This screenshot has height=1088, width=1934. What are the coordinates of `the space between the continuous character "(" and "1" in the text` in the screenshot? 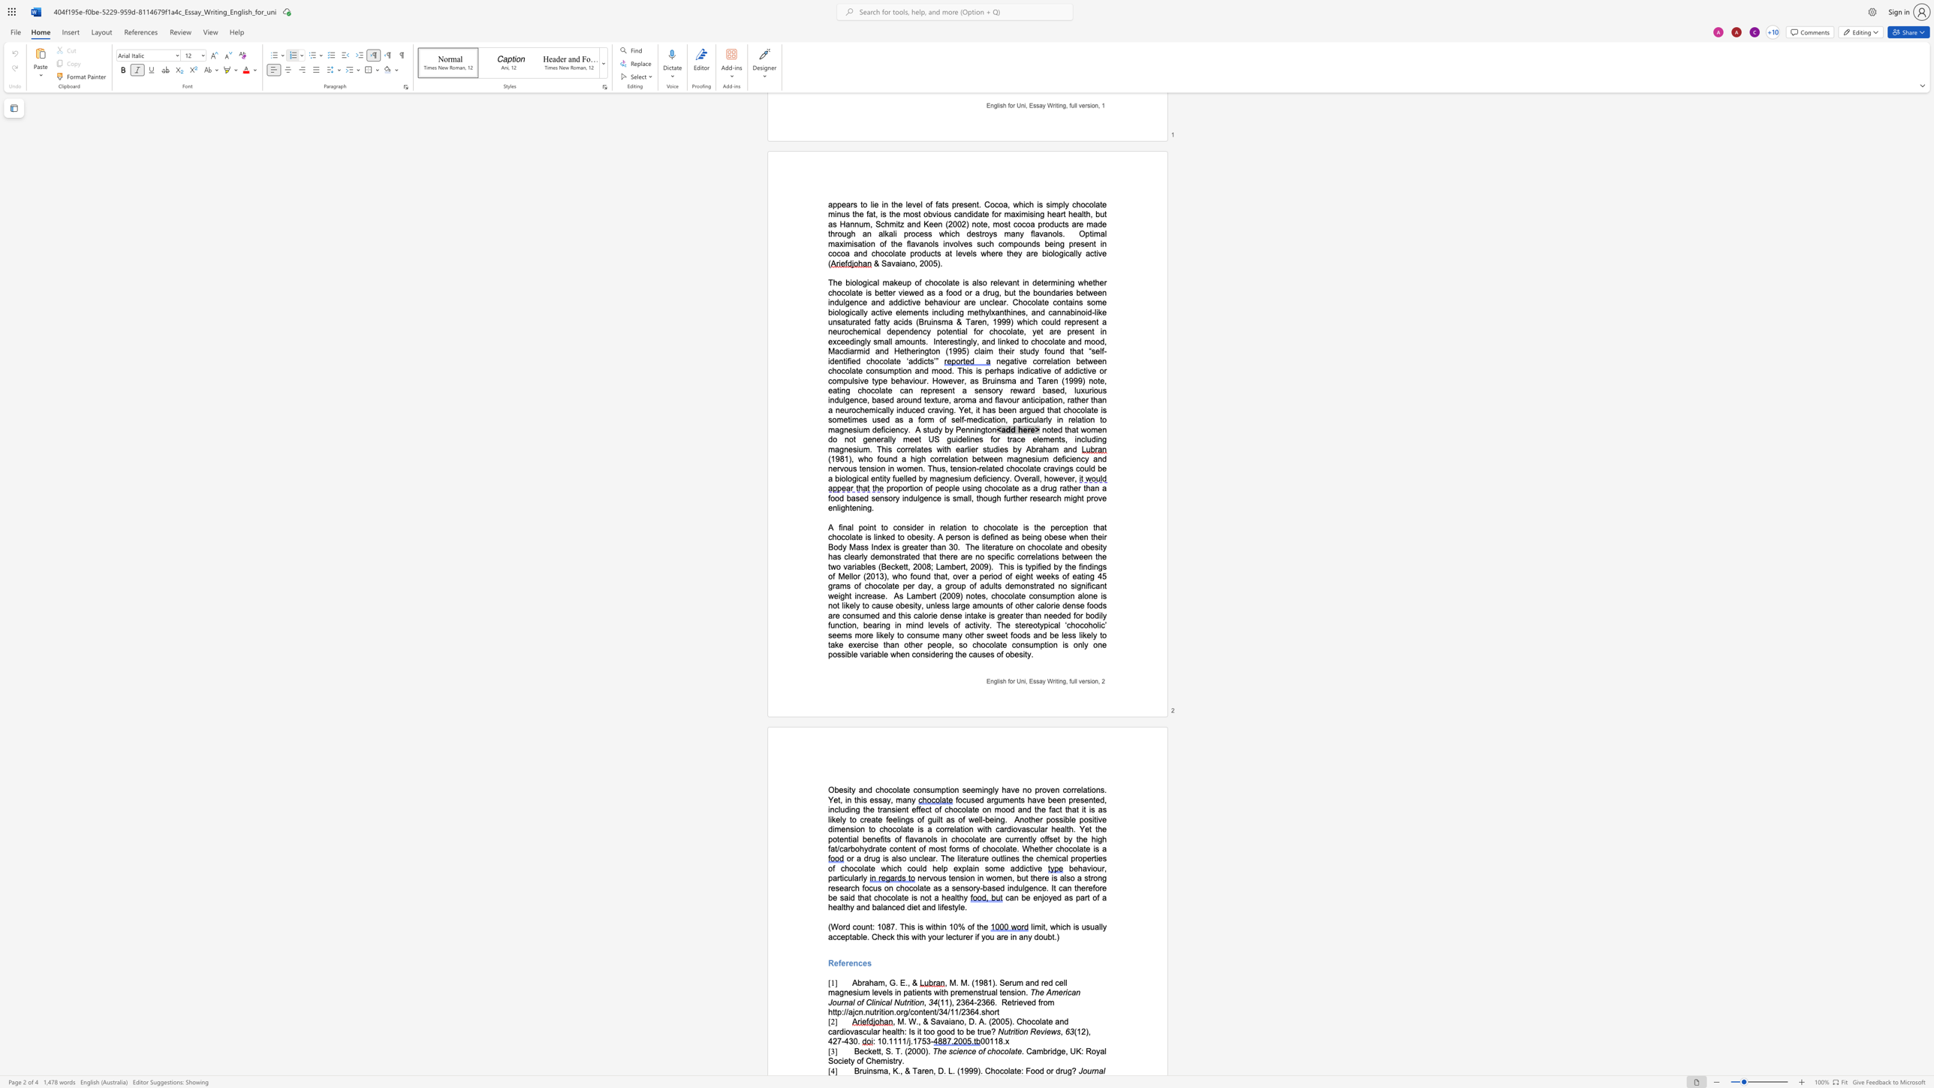 It's located at (959, 1071).